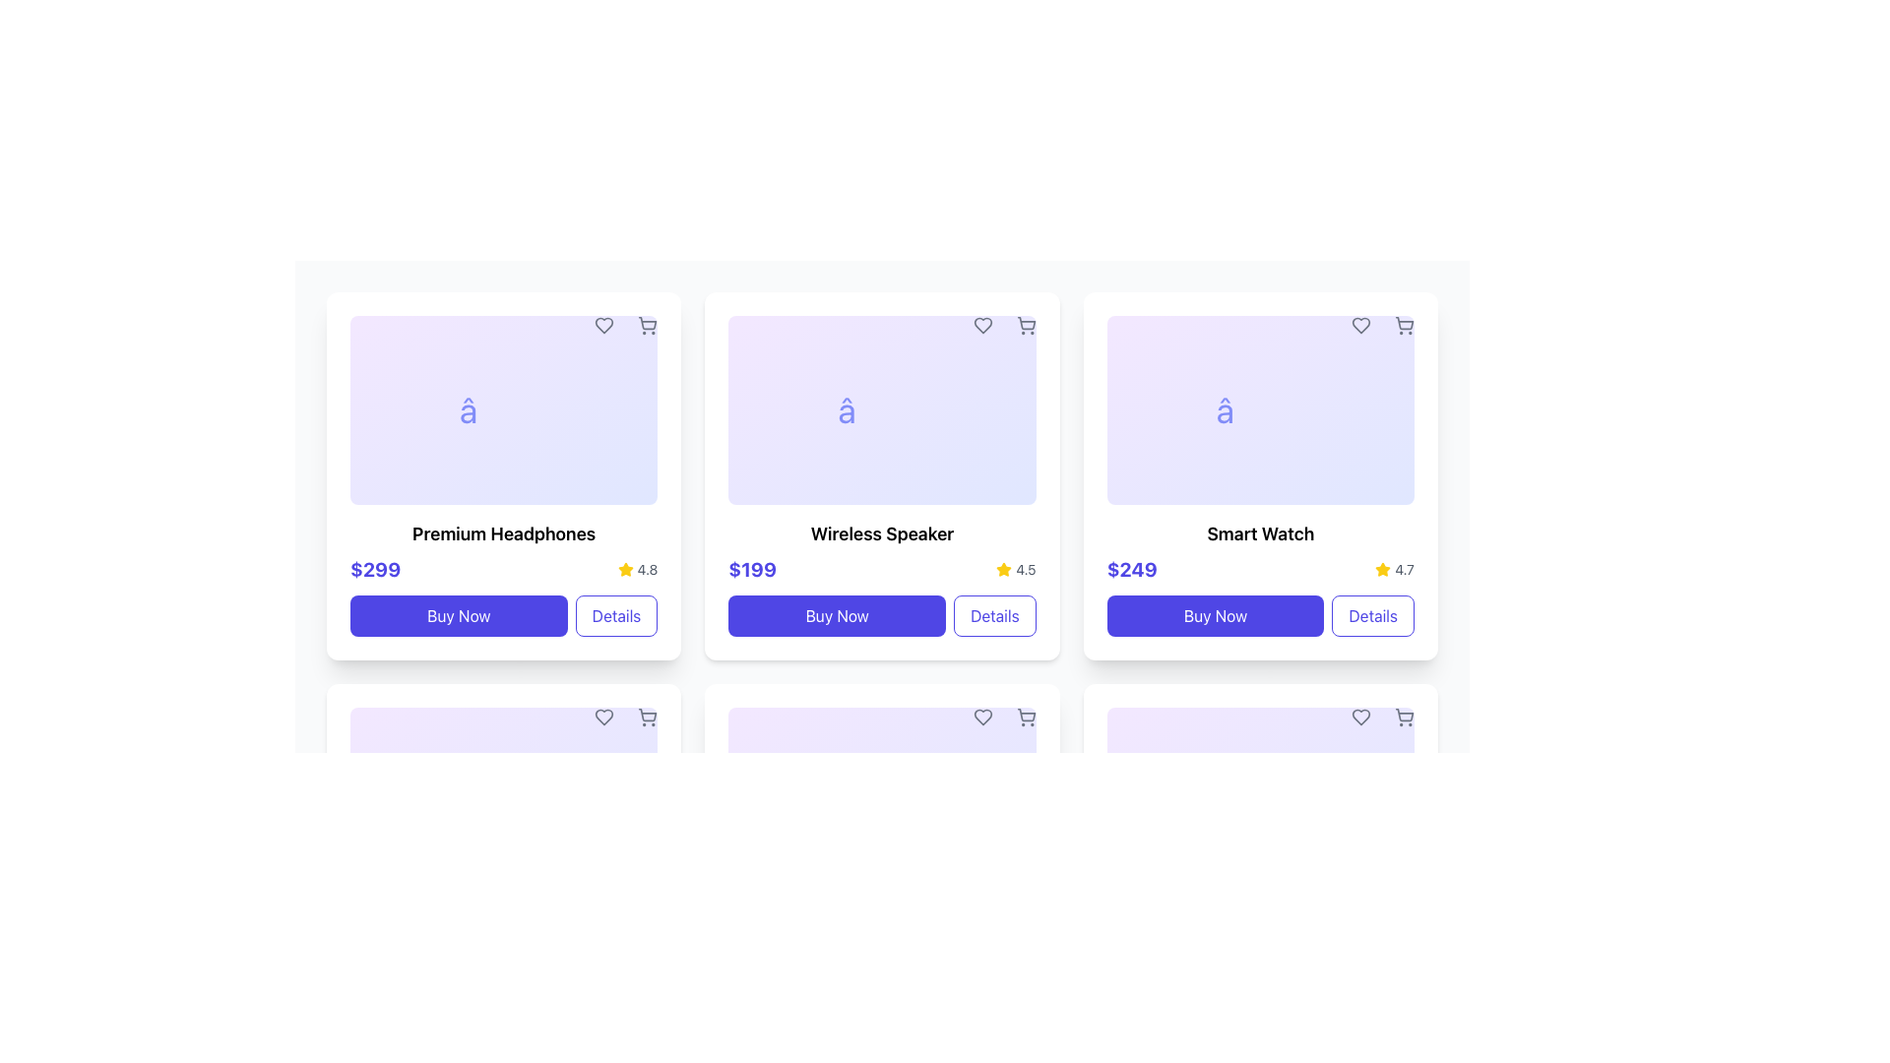  I want to click on the shopping cart icon located in the top-right corner of the item card, so click(648, 718).